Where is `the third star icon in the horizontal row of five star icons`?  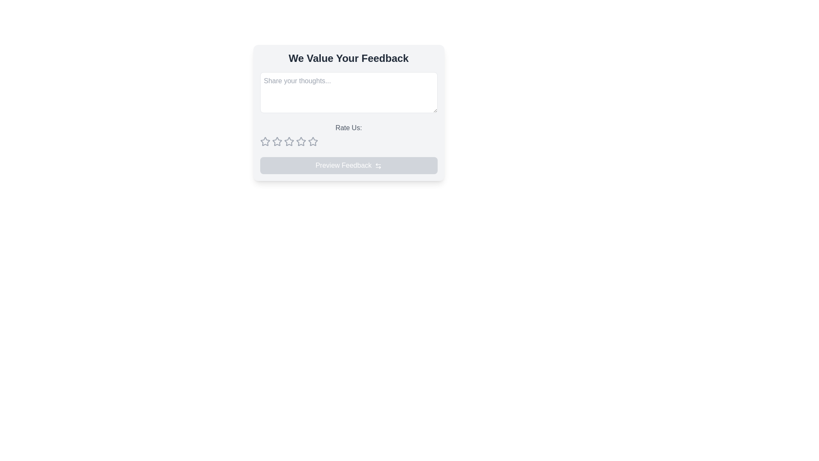 the third star icon in the horizontal row of five star icons is located at coordinates (289, 141).